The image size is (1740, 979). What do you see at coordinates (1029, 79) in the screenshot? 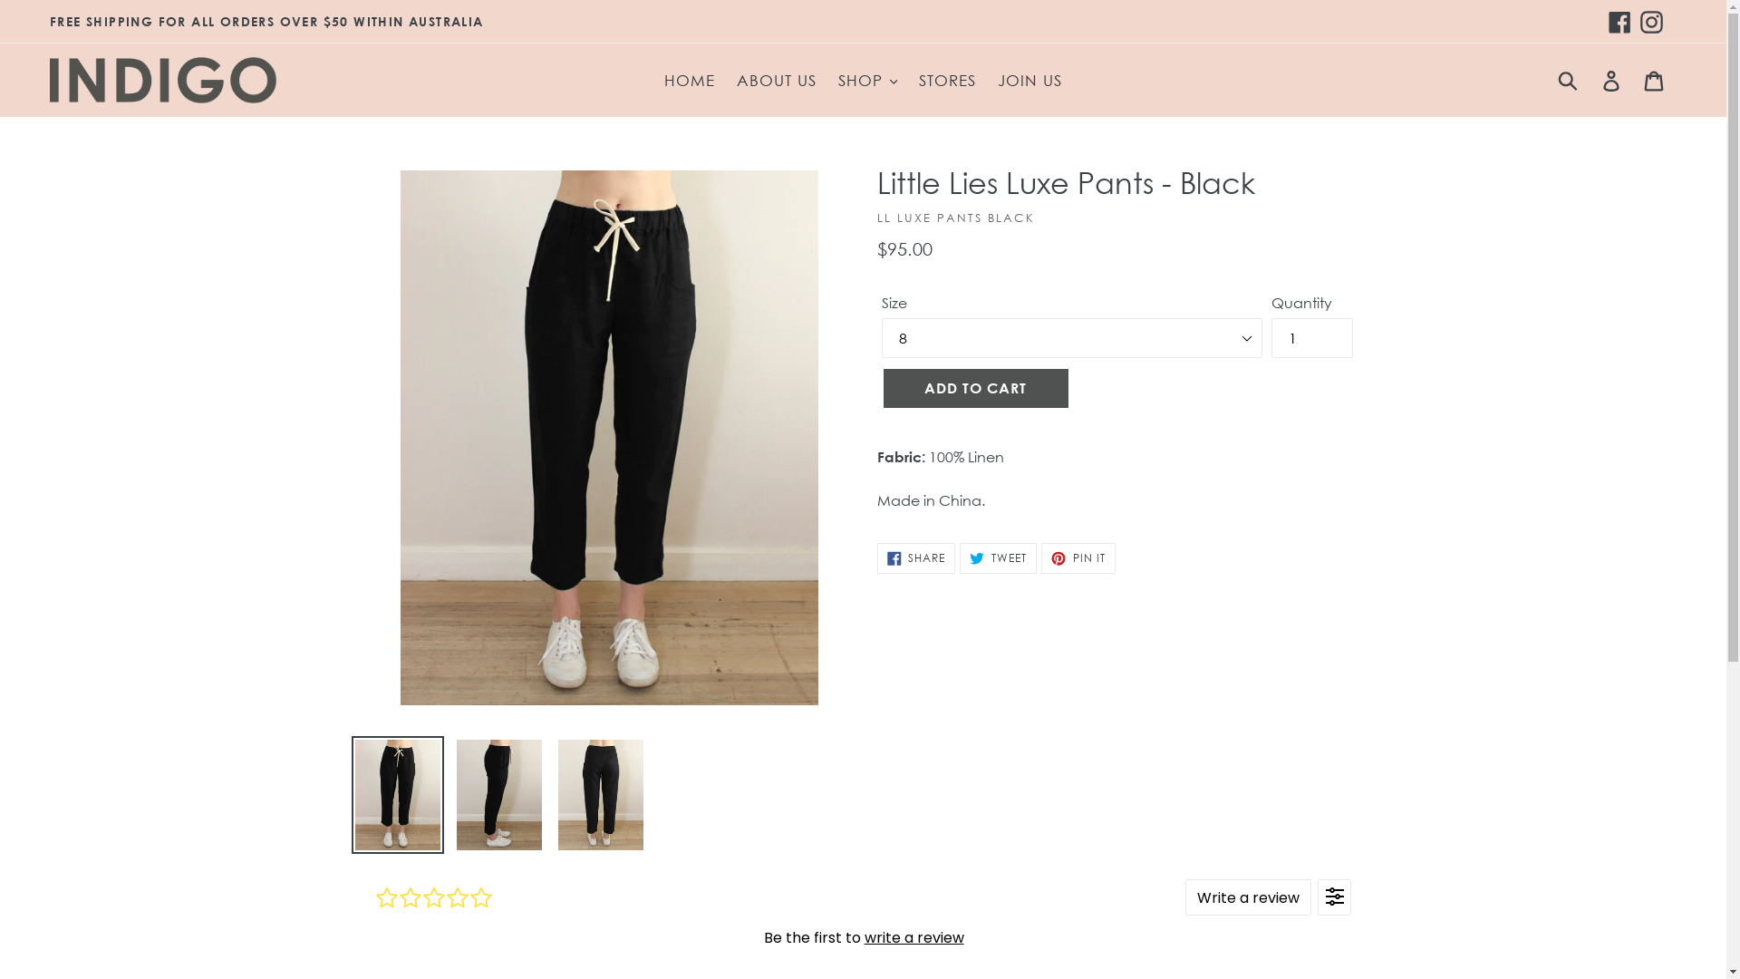
I see `'JOIN US'` at bounding box center [1029, 79].